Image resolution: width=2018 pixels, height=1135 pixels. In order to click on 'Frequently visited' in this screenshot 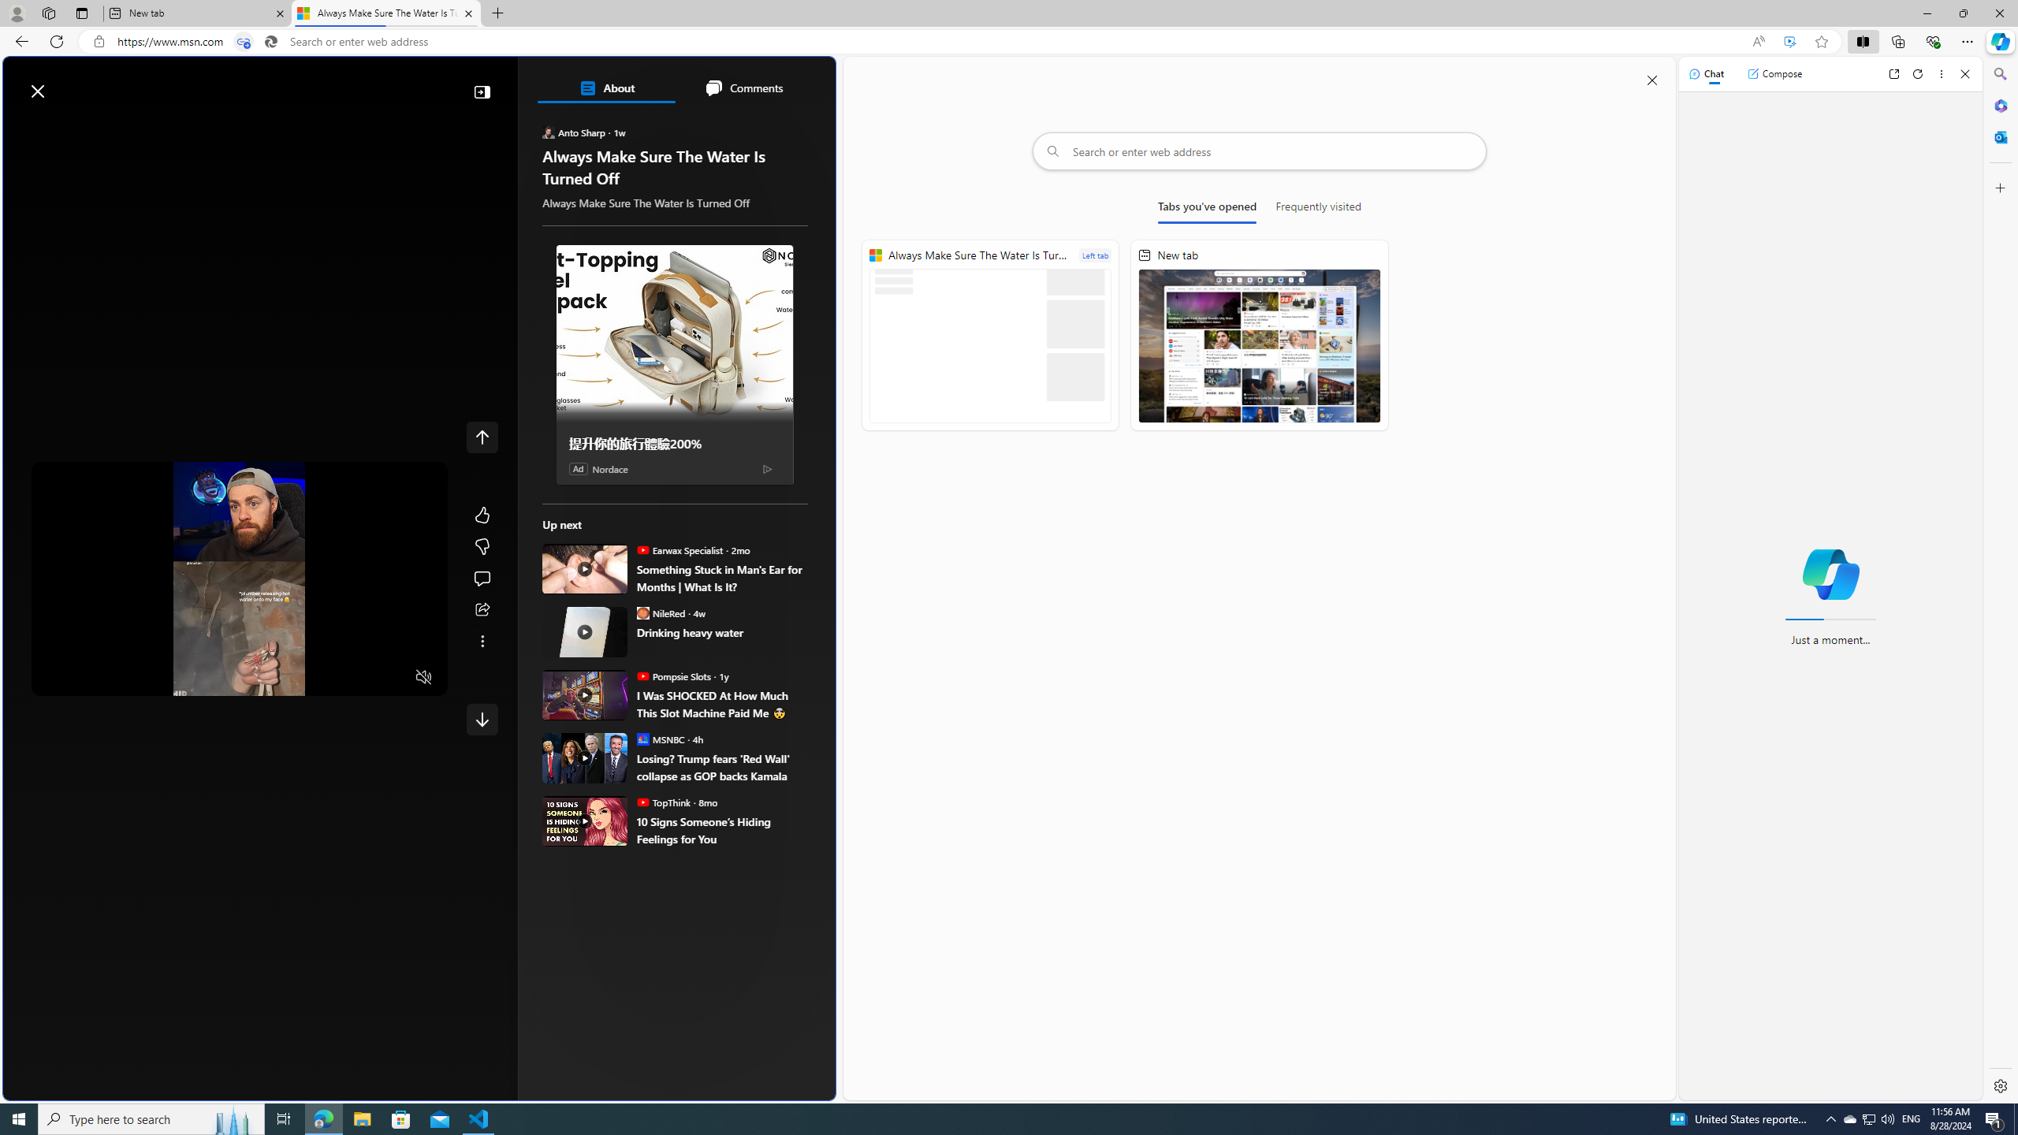, I will do `click(1317, 209)`.